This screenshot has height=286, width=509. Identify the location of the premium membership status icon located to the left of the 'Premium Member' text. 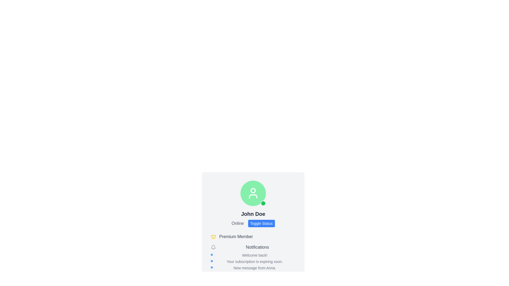
(213, 236).